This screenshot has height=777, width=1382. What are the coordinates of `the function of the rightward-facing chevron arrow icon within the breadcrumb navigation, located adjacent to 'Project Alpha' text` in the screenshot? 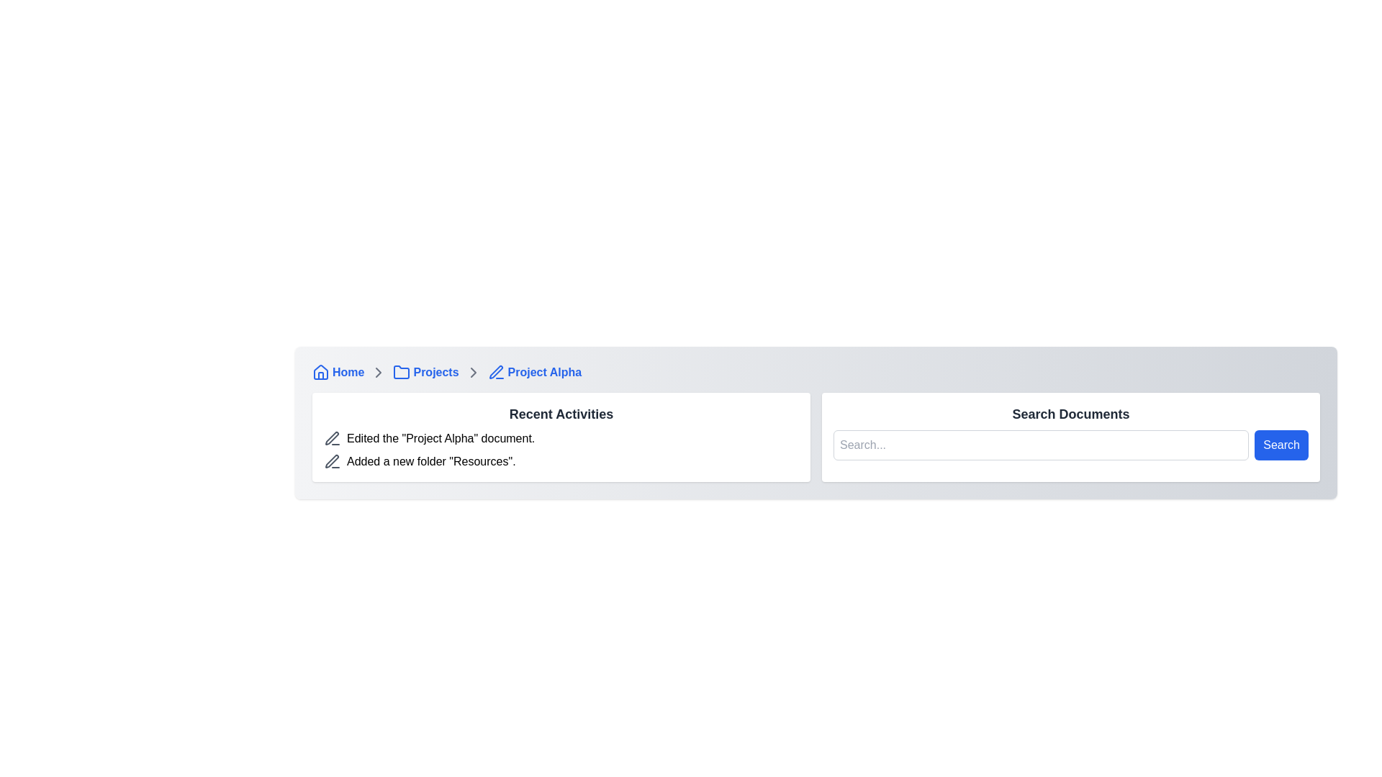 It's located at (473, 371).